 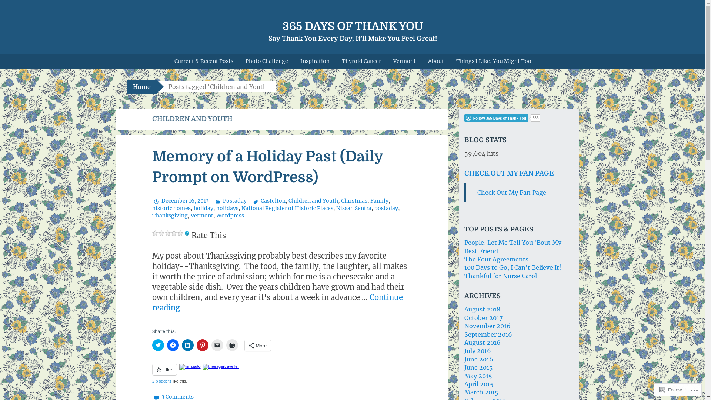 I want to click on 'Current & Recent Posts', so click(x=204, y=61).